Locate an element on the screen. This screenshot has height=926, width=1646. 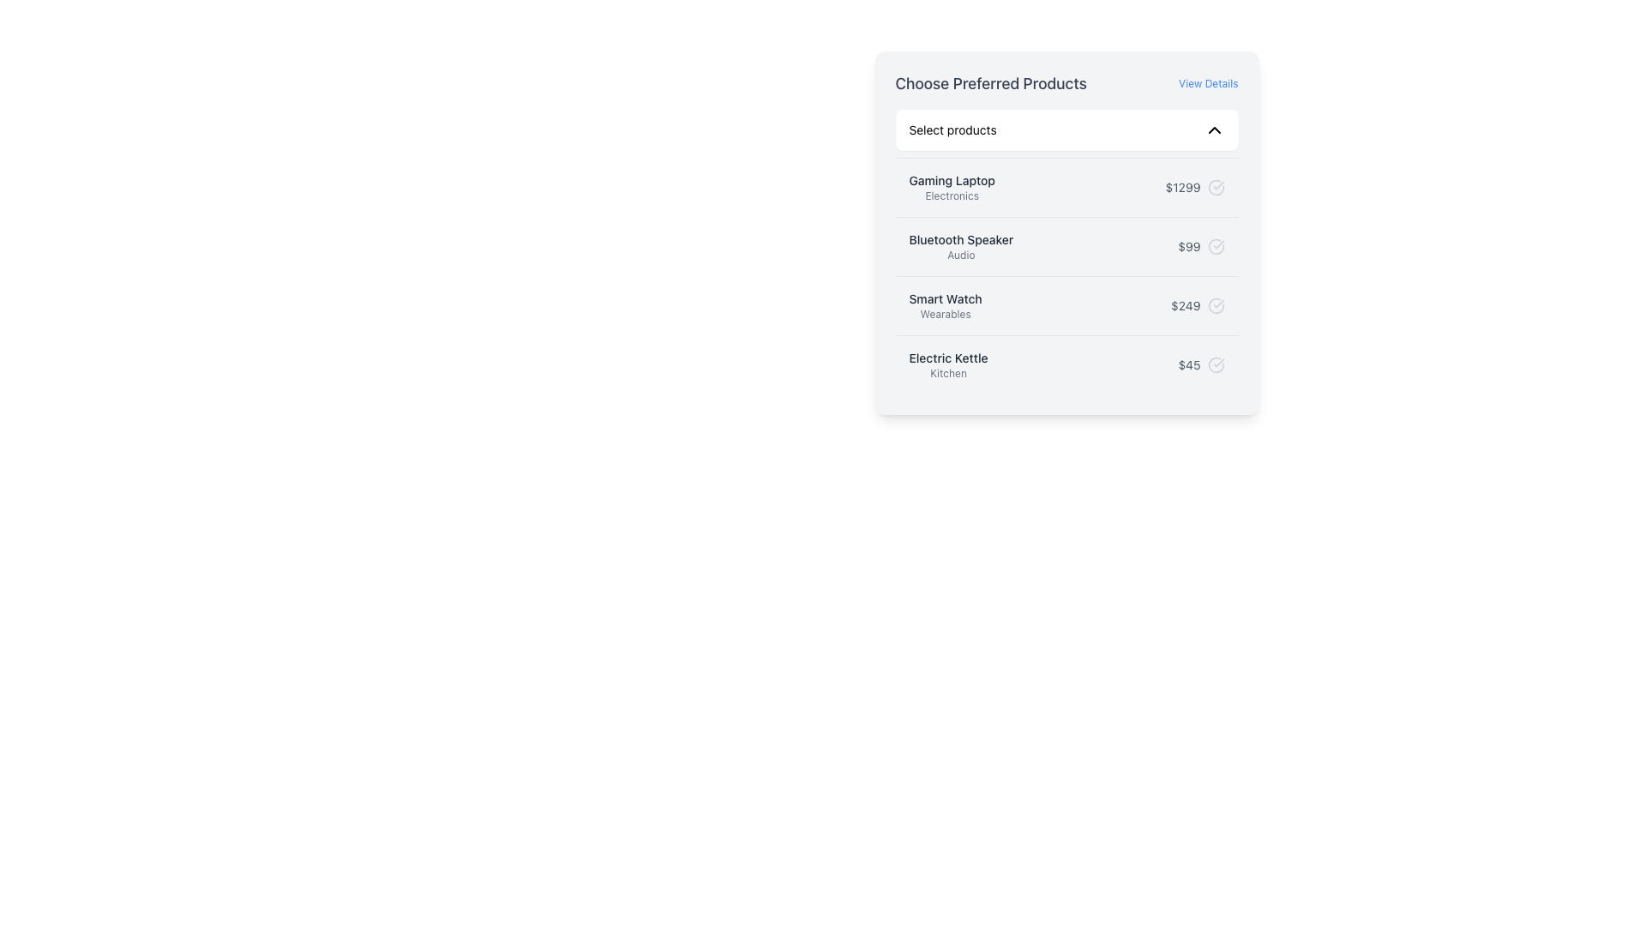
price text label displaying '$1299' located to the right of the 'Gaming Laptop' product name within a list item of selectable products is located at coordinates (1182, 188).